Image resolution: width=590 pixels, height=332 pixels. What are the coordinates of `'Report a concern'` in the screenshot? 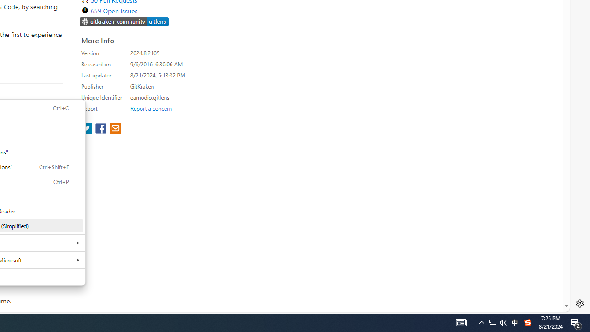 It's located at (151, 108).